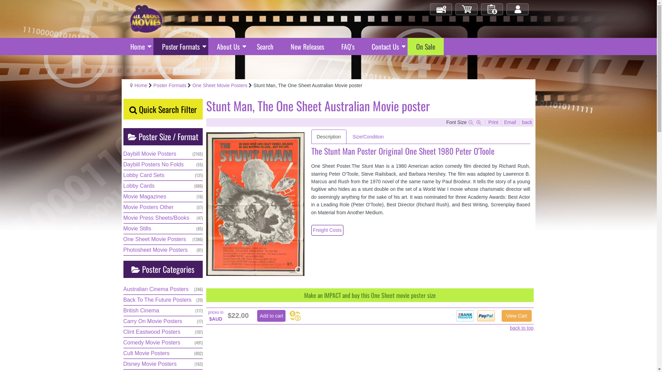 Image resolution: width=662 pixels, height=372 pixels. Describe the element at coordinates (163, 311) in the screenshot. I see `'British Cinema` at that location.